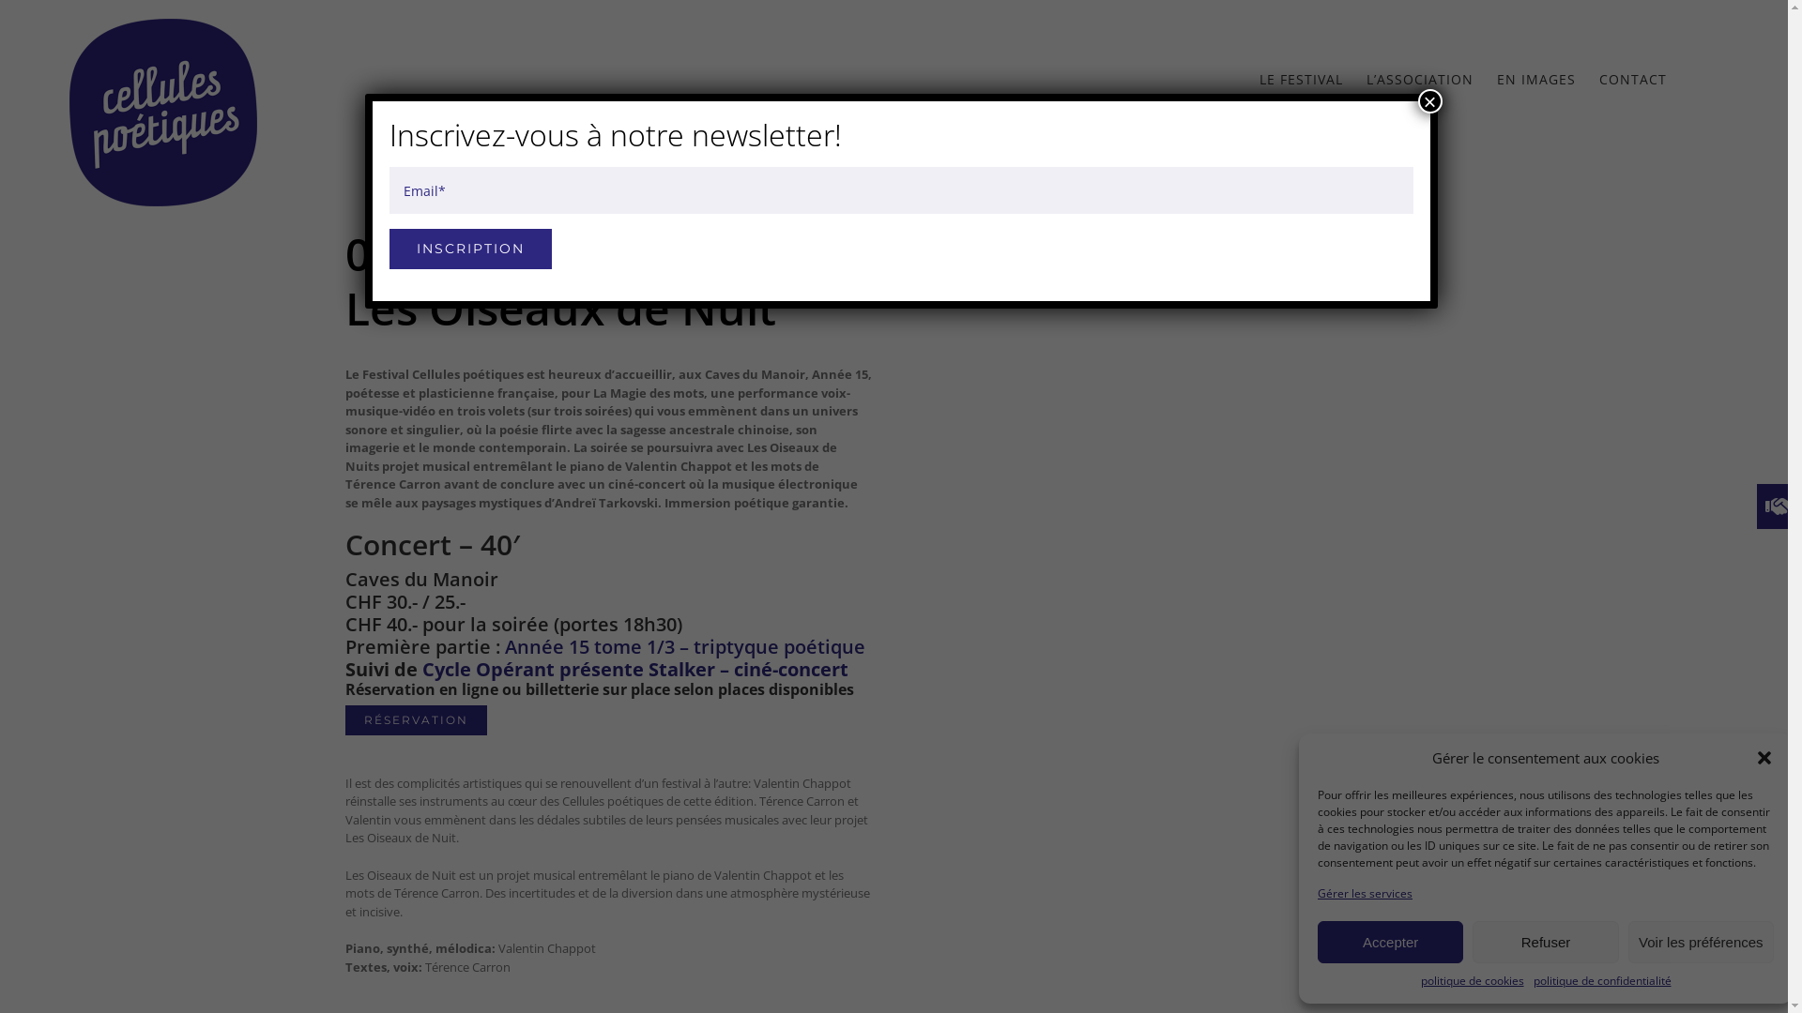  What do you see at coordinates (1300, 78) in the screenshot?
I see `'LE FESTIVAL'` at bounding box center [1300, 78].